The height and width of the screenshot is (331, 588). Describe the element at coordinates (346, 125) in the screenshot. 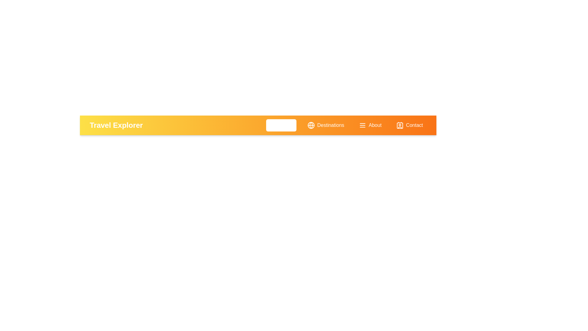

I see `the Navigation menu located in the main navigation bar` at that location.